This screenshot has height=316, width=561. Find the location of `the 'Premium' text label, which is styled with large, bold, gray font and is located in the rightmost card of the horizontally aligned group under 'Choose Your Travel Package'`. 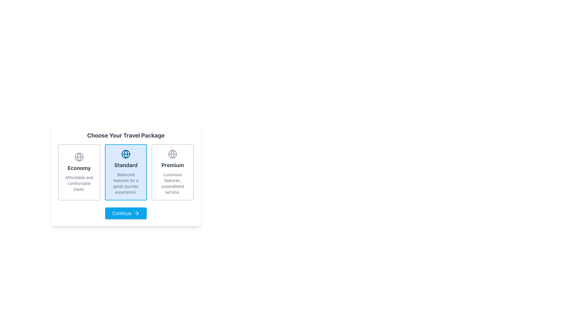

the 'Premium' text label, which is styled with large, bold, gray font and is located in the rightmost card of the horizontally aligned group under 'Choose Your Travel Package' is located at coordinates (172, 165).